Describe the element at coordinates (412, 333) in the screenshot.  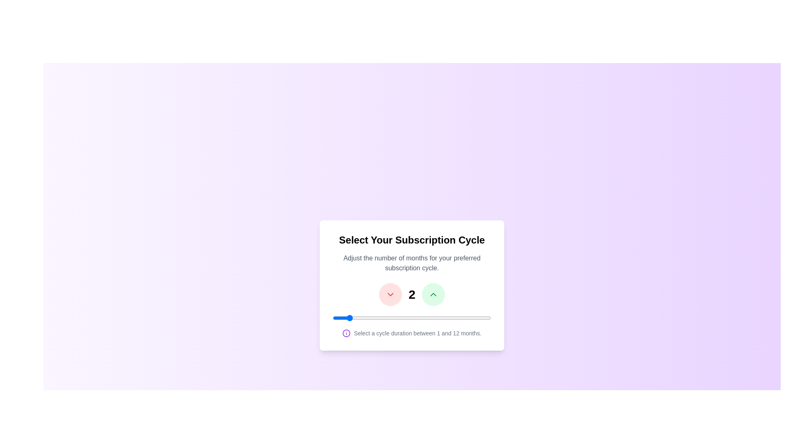
I see `the informational text element that contains the message 'Select a cycle duration between 1 and 12 months.' and has a purple 'info' icon to the left` at that location.